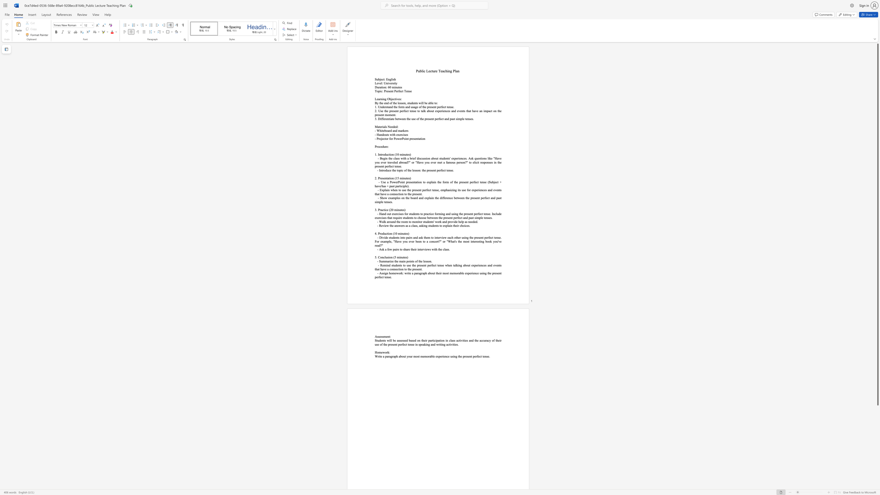 The width and height of the screenshot is (880, 495). Describe the element at coordinates (388, 83) in the screenshot. I see `the space between the continuous character "i" and "v" in the text` at that location.